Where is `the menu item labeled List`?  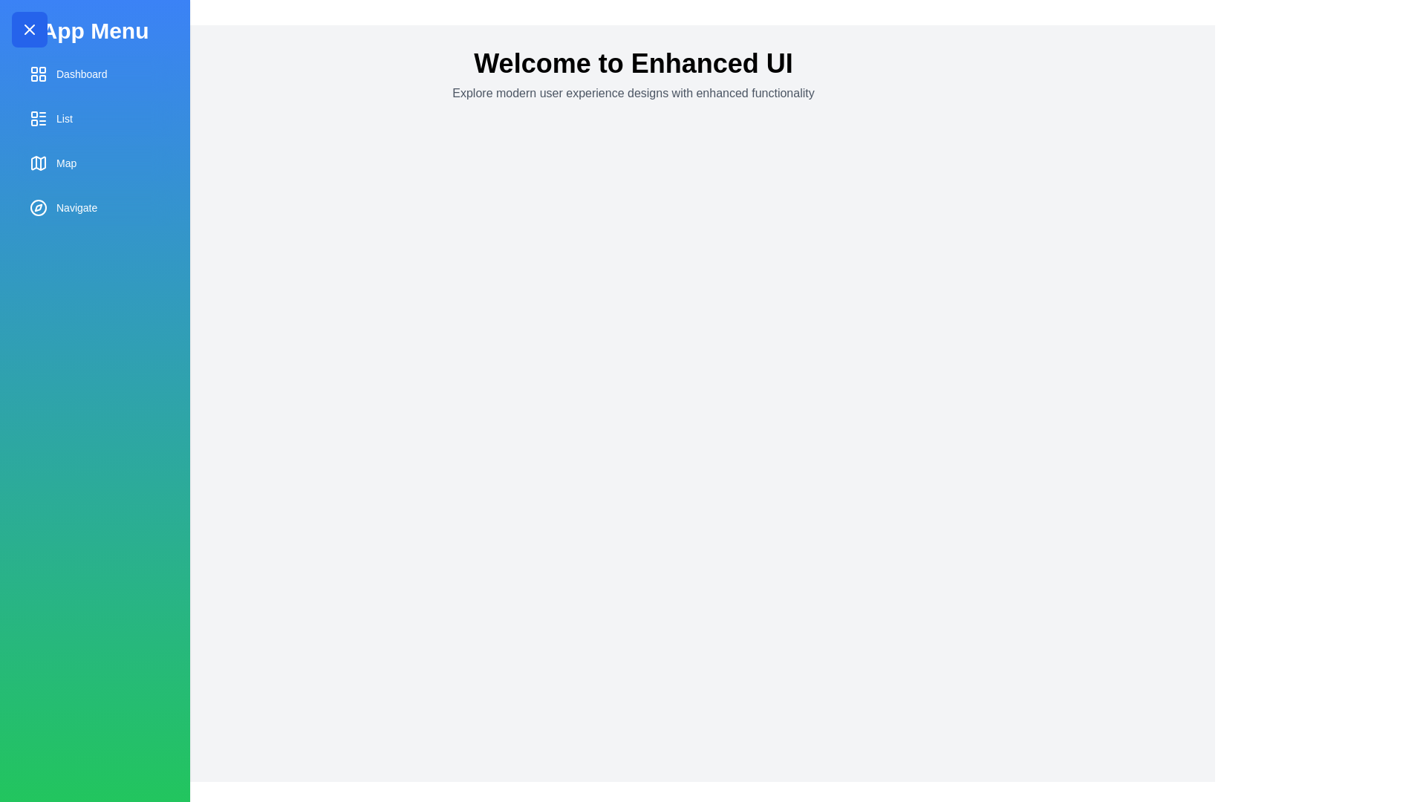 the menu item labeled List is located at coordinates (94, 117).